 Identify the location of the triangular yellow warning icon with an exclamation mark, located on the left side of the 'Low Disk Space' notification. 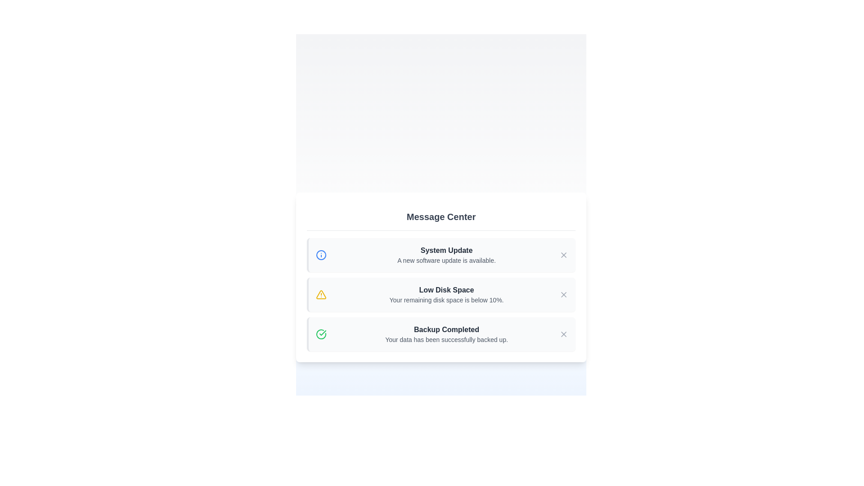
(321, 294).